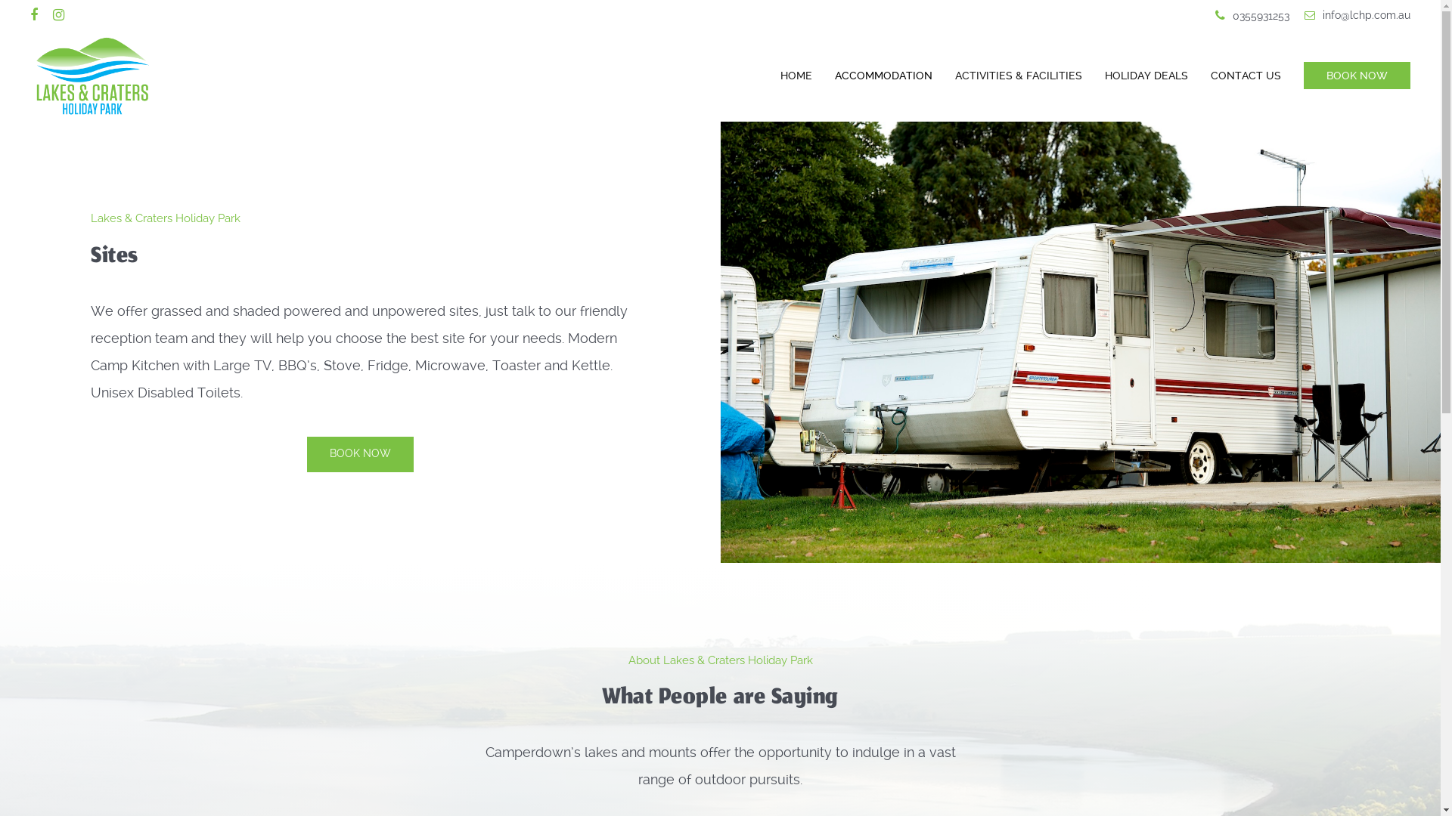 The height and width of the screenshot is (816, 1452). What do you see at coordinates (769, 76) in the screenshot?
I see `'HOME'` at bounding box center [769, 76].